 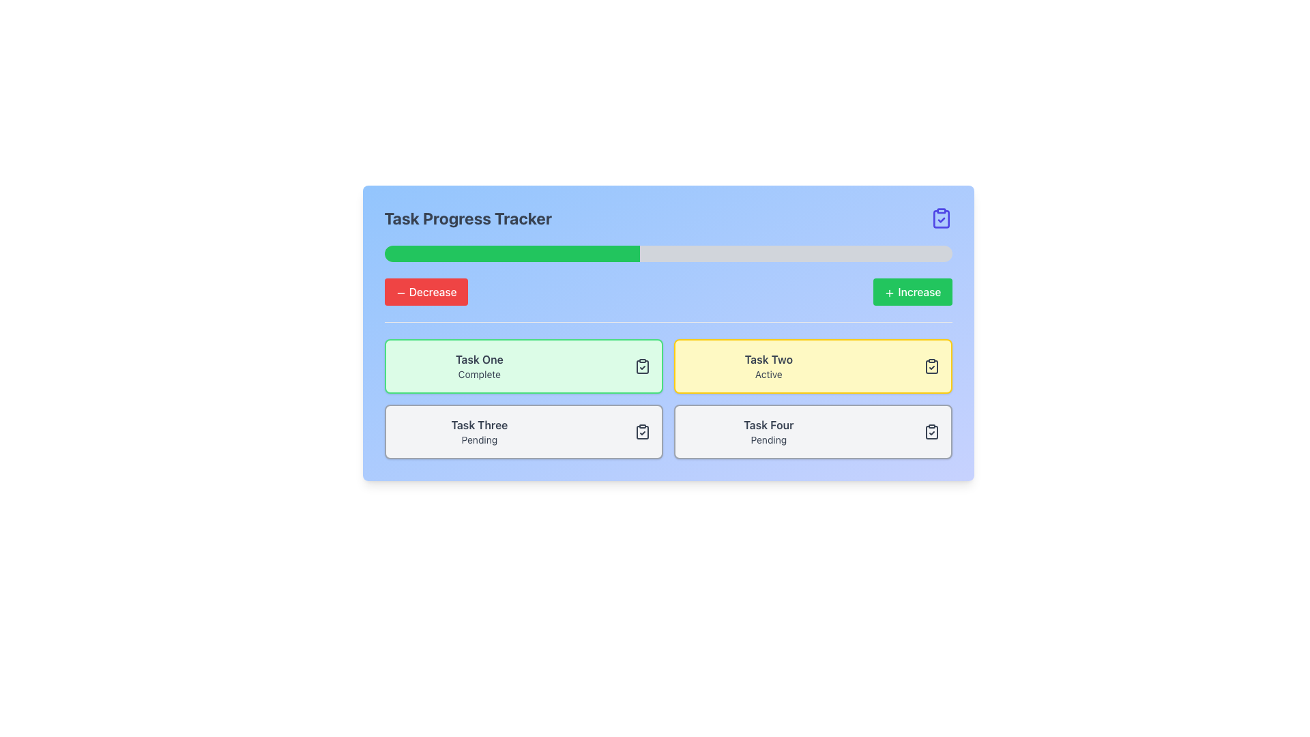 What do you see at coordinates (768, 439) in the screenshot?
I see `the text label indicating the current status of Task Four, which displays that it is pending, located in the bottom-right grid cell of the task grid` at bounding box center [768, 439].